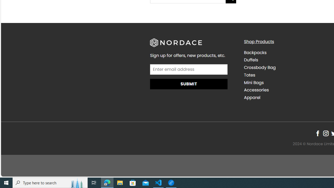 The image size is (334, 188). I want to click on 'Mini Bags', so click(254, 82).